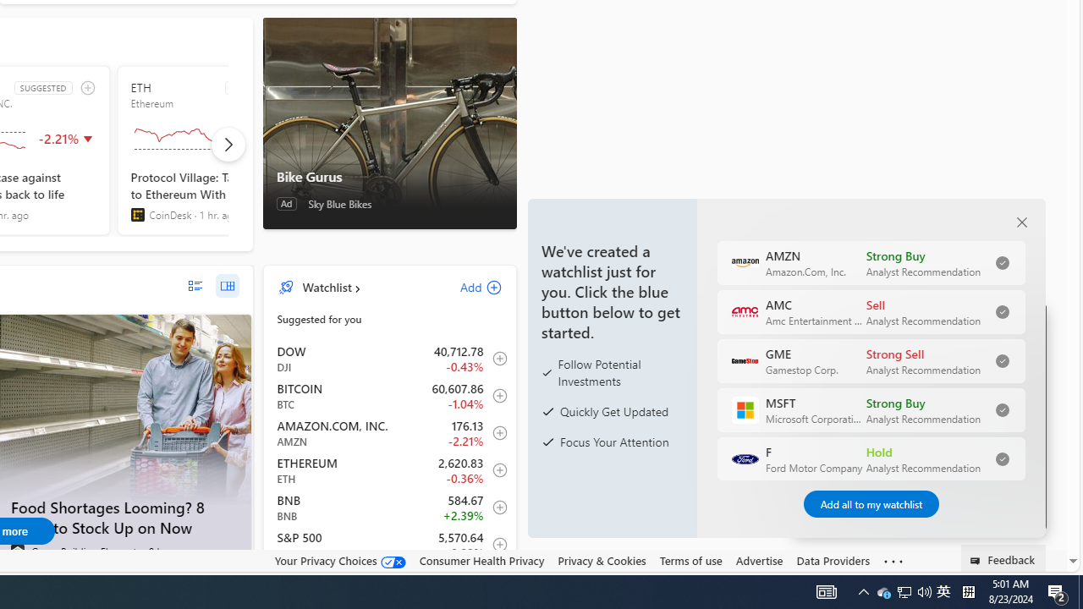 The height and width of the screenshot is (609, 1083). Describe the element at coordinates (833, 560) in the screenshot. I see `'Data Providers'` at that location.